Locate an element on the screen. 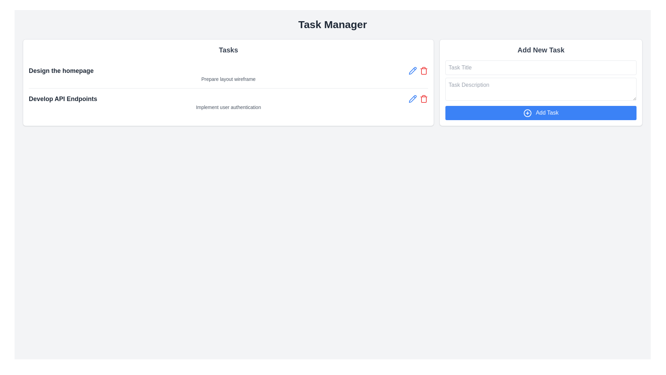 The height and width of the screenshot is (375, 666). text label providing additional context for the task 'Develop API Endpoints', which is located in the left panel under the 'Tasks' section, positioned right below the task name is located at coordinates (228, 107).